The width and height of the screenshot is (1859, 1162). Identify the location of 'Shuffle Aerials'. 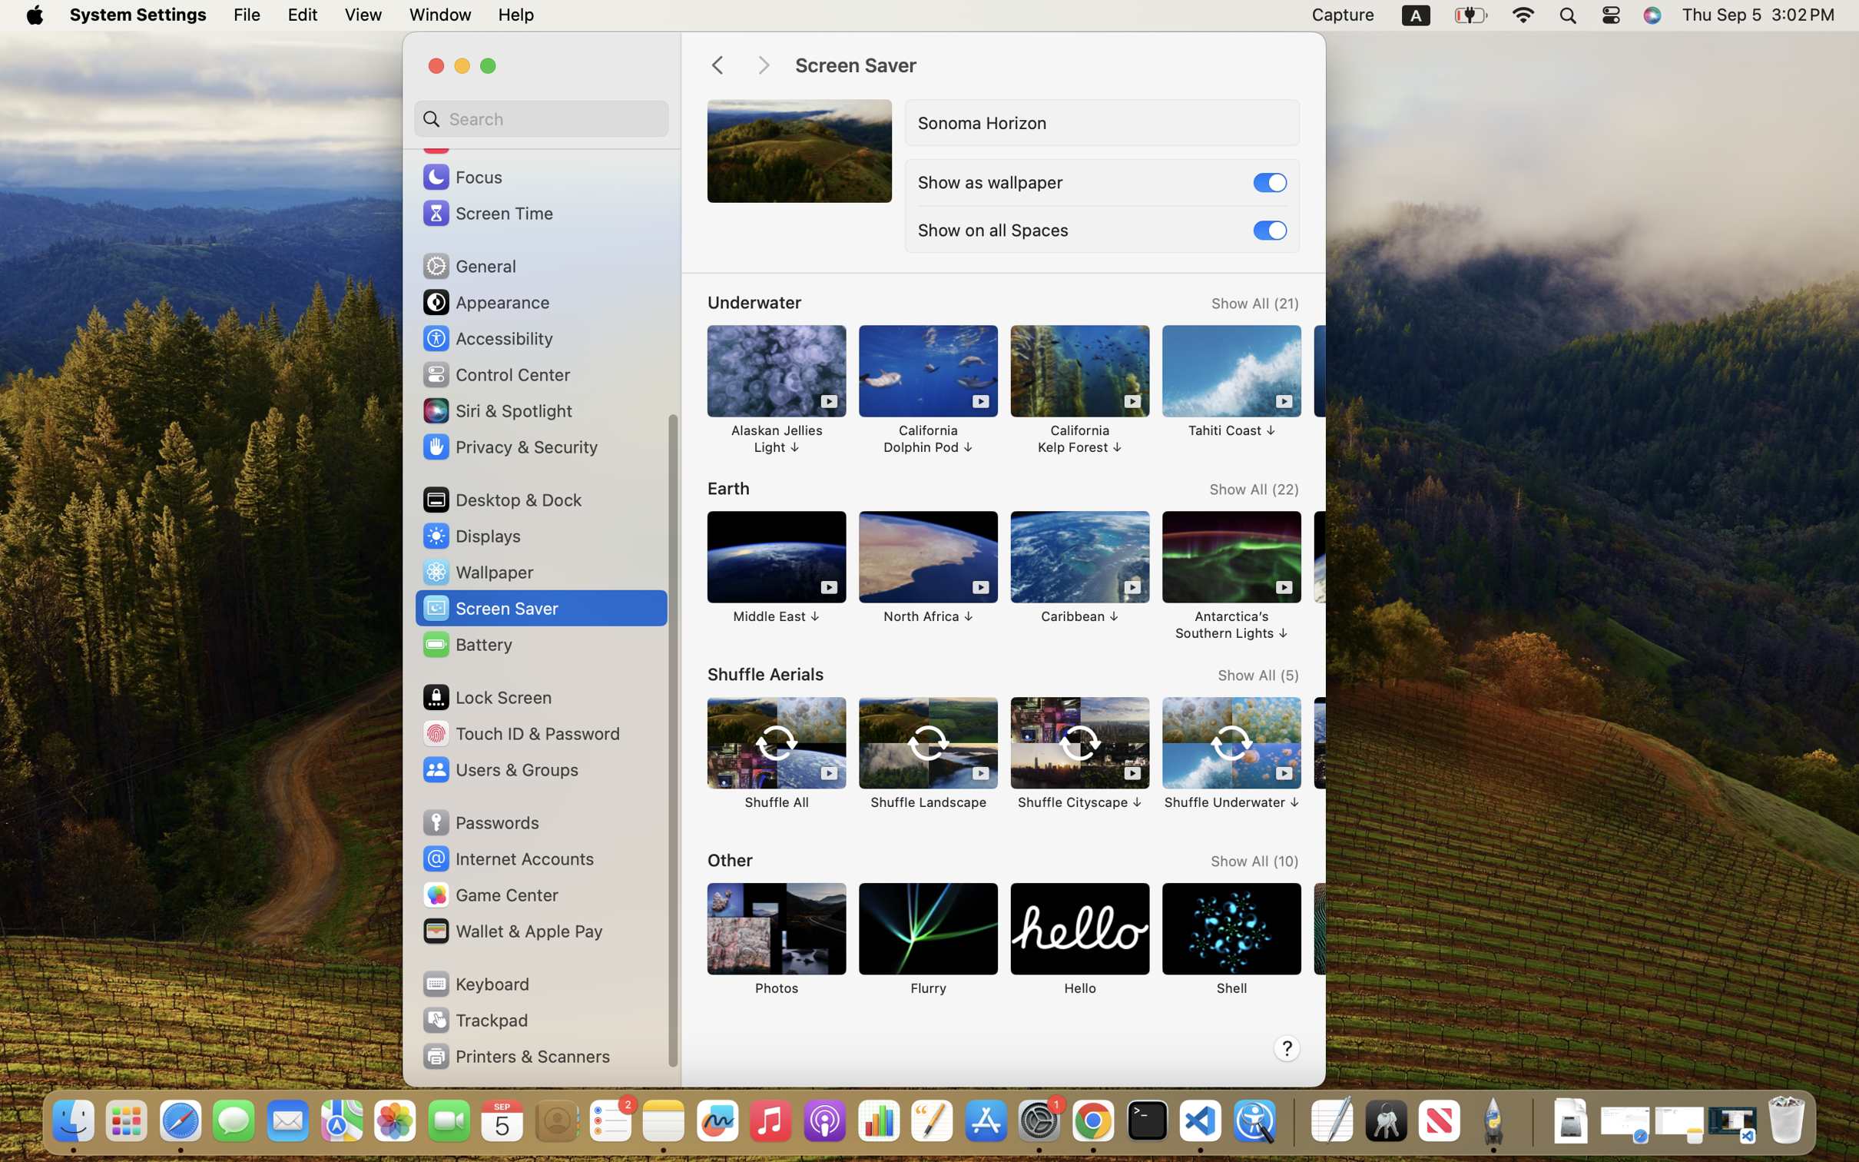
(764, 673).